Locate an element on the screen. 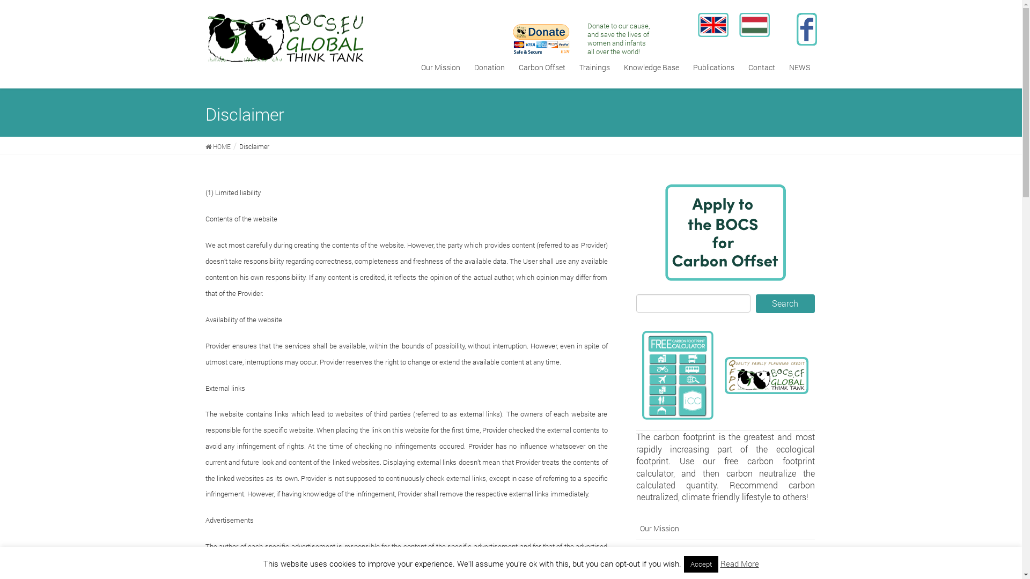 The image size is (1030, 579). 'QFPC carbon credit - BOCS.CF >>' is located at coordinates (766, 375).